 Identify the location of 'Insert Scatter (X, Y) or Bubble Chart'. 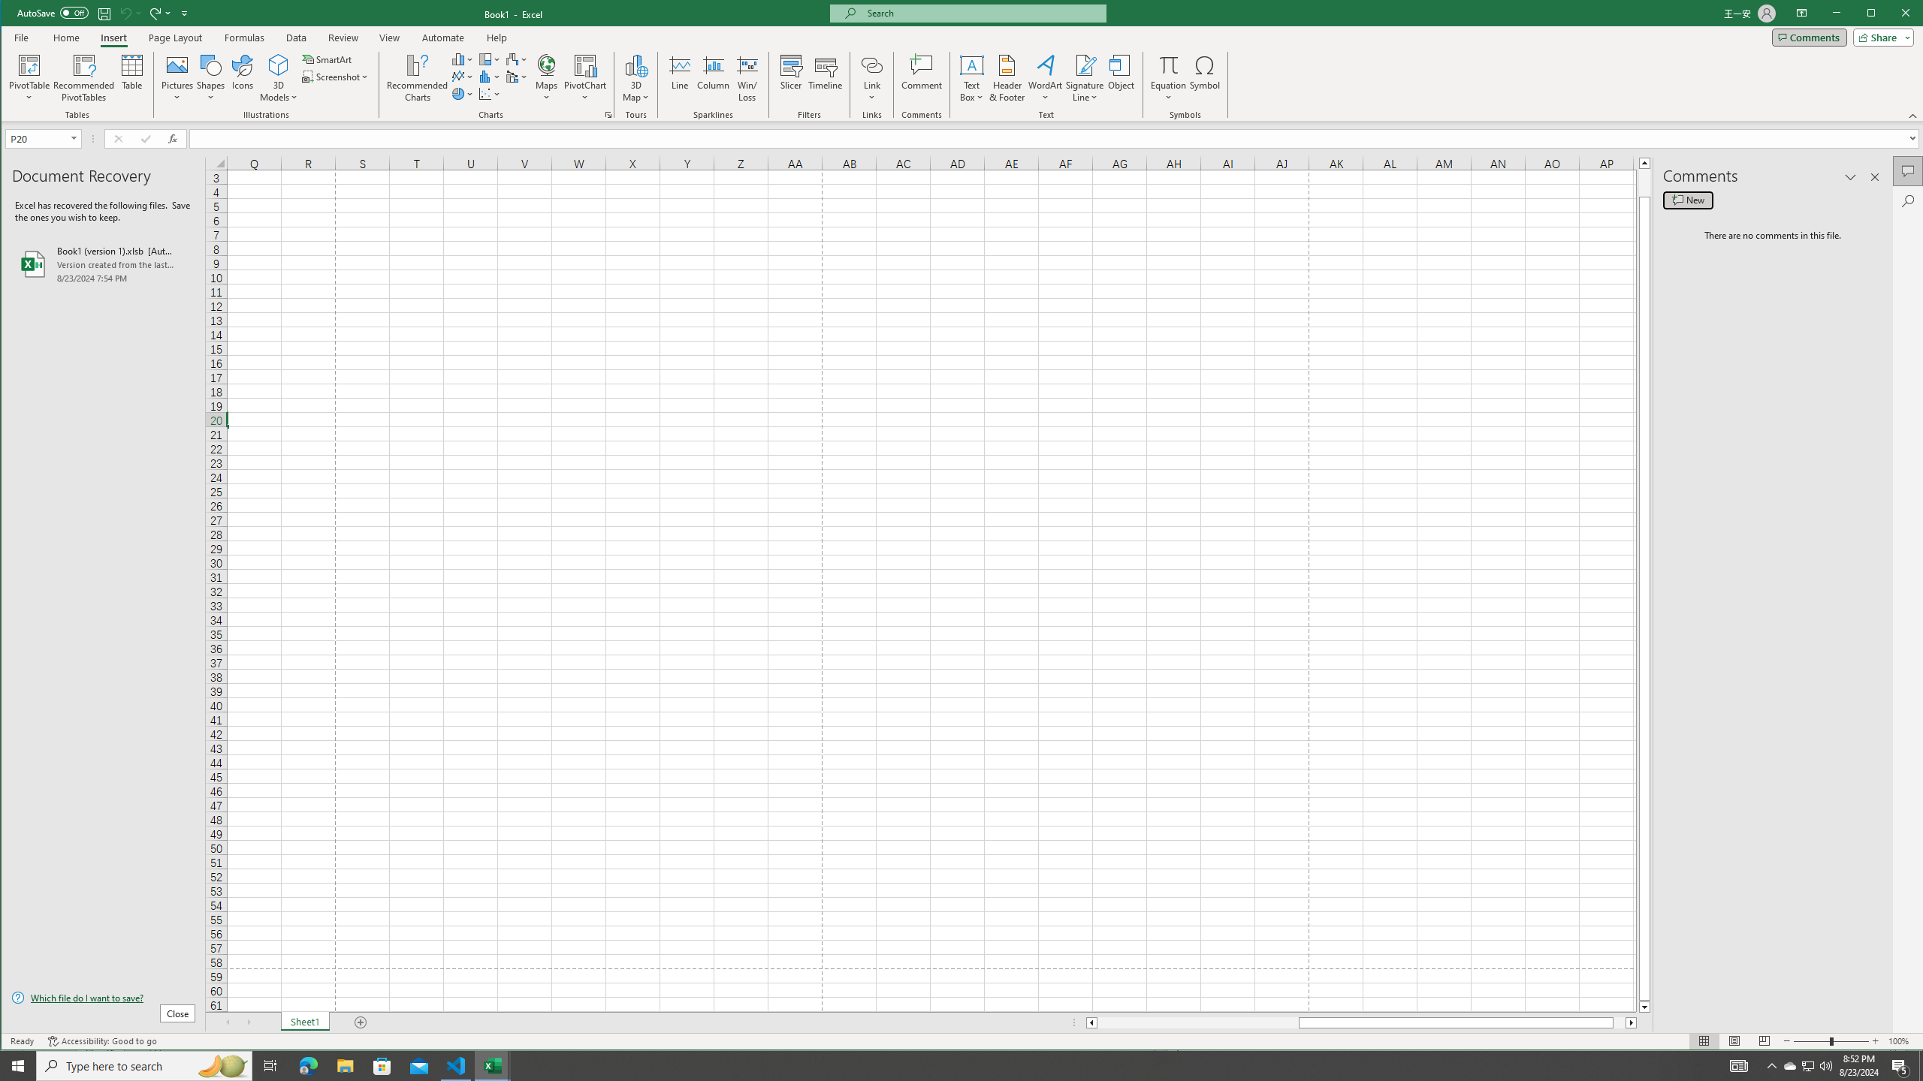
(490, 94).